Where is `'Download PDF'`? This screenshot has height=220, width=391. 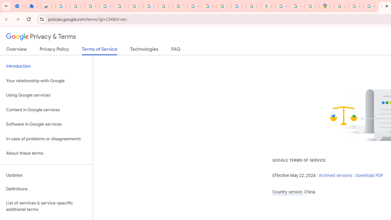
'Download PDF' is located at coordinates (369, 175).